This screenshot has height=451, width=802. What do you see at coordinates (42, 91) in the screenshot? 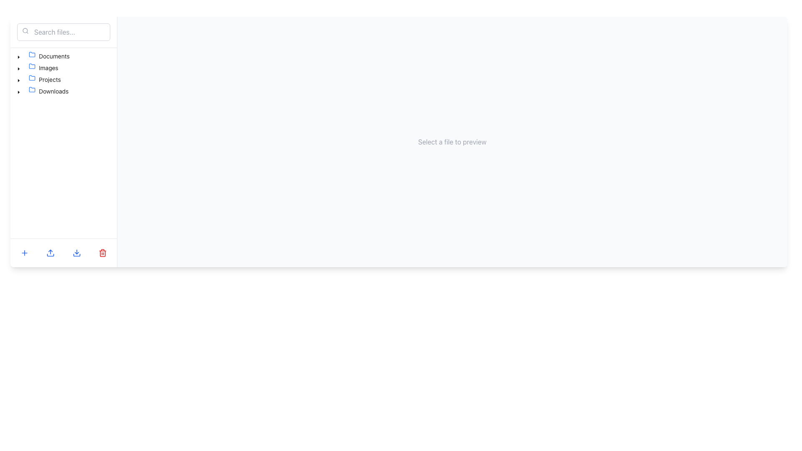
I see `the 'Downloads' tree item, which is the last item in the list and includes a blue folder icon and a caret indicating it is expandable` at bounding box center [42, 91].